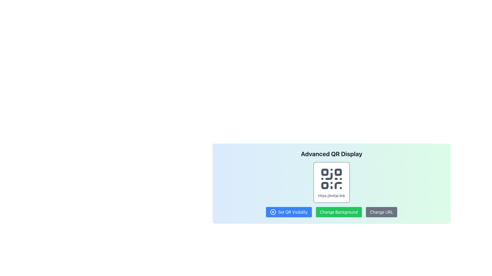 The image size is (492, 276). What do you see at coordinates (338, 172) in the screenshot?
I see `the second small square in the top-right corner of the QR code graphic` at bounding box center [338, 172].